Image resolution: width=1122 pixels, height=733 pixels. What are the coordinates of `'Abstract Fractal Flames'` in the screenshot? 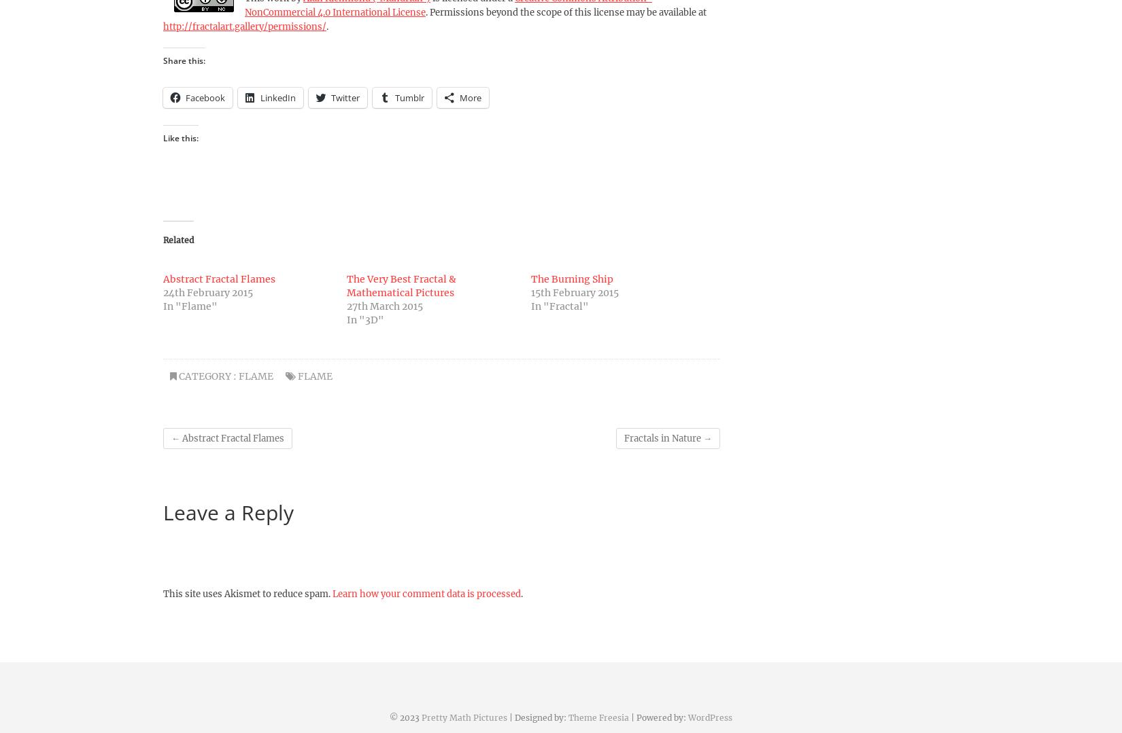 It's located at (232, 437).